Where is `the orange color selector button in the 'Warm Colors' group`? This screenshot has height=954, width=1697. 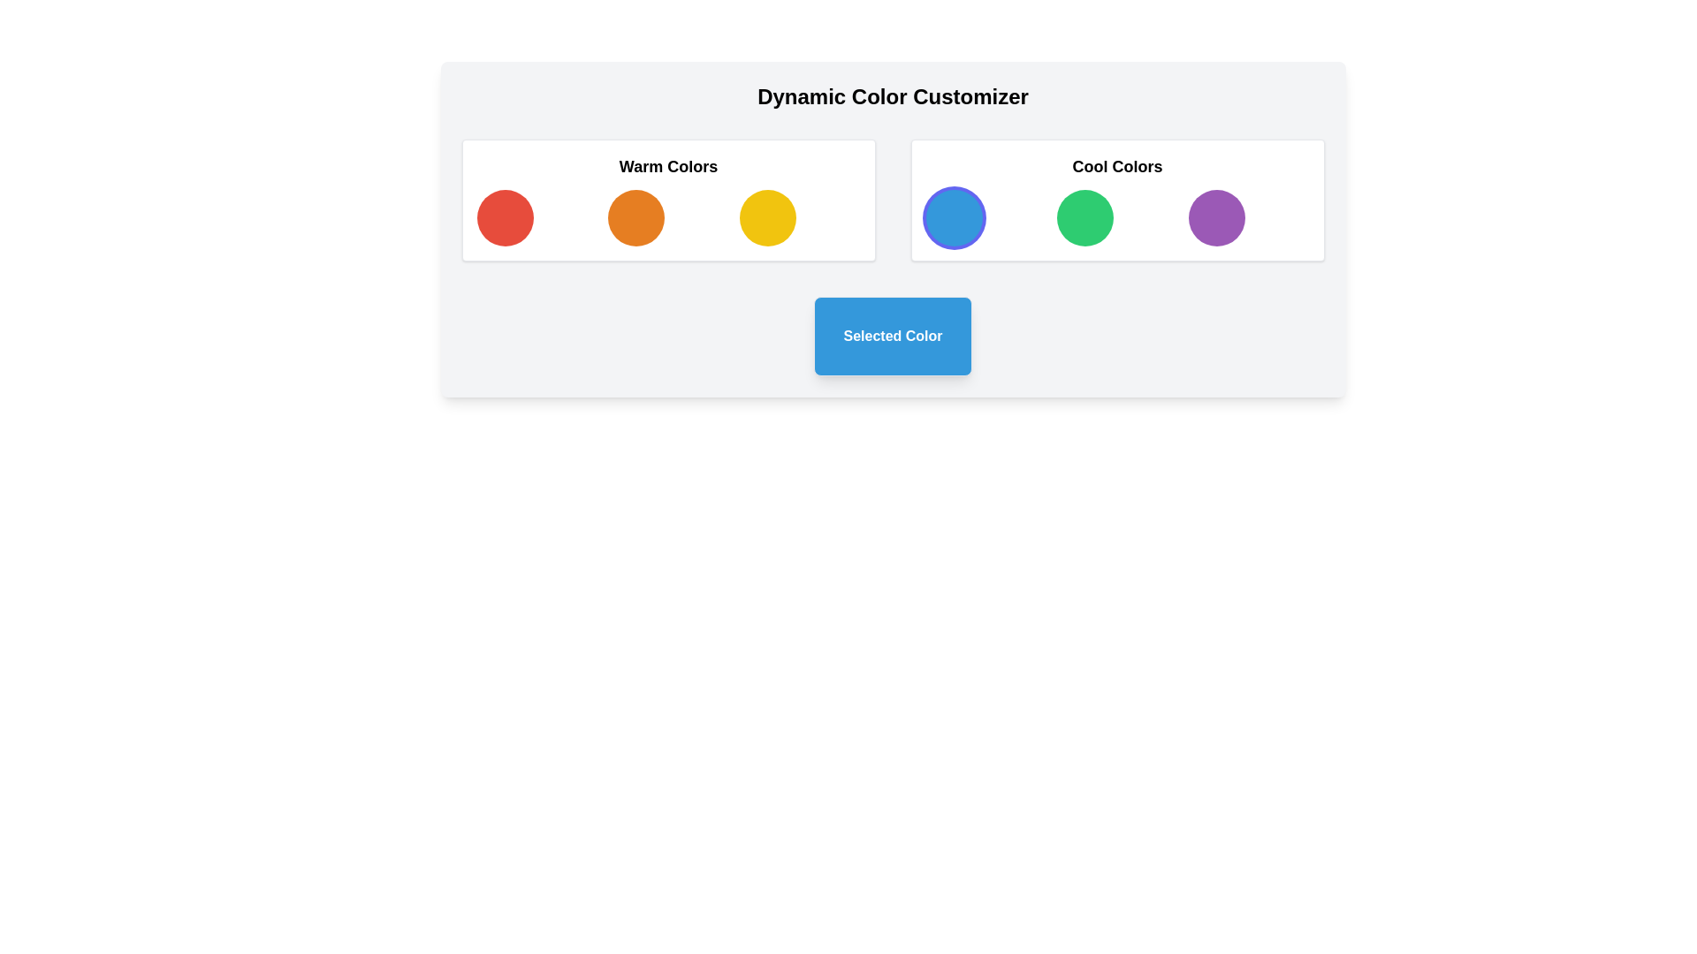
the orange color selector button in the 'Warm Colors' group is located at coordinates (667, 216).